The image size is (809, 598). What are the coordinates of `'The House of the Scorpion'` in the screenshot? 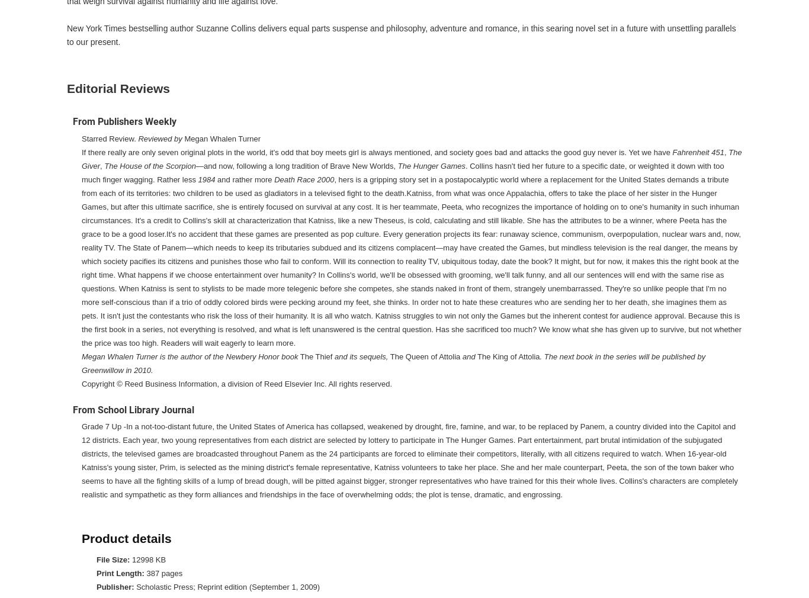 It's located at (103, 165).